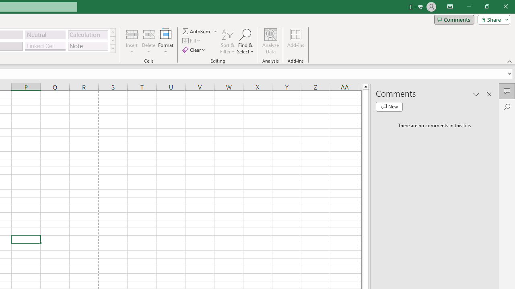 The height and width of the screenshot is (289, 515). What do you see at coordinates (468, 6) in the screenshot?
I see `'Minimize'` at bounding box center [468, 6].